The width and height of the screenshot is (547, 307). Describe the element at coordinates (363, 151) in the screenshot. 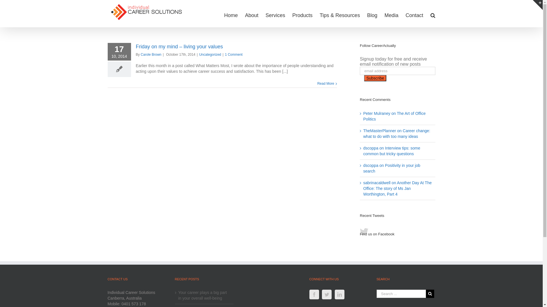

I see `'Interview tips: some common but tricky questions'` at that location.